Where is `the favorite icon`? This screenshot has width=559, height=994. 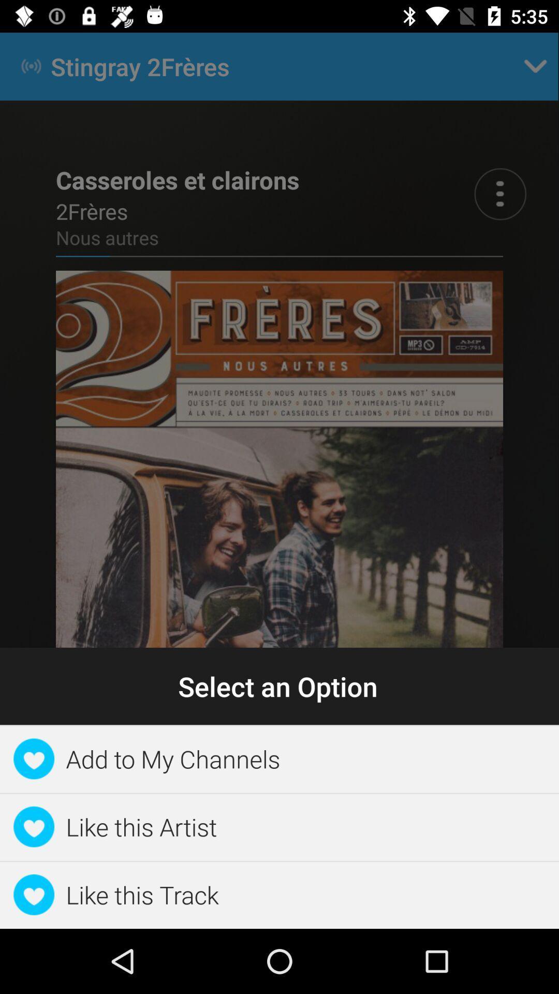 the favorite icon is located at coordinates (55, 790).